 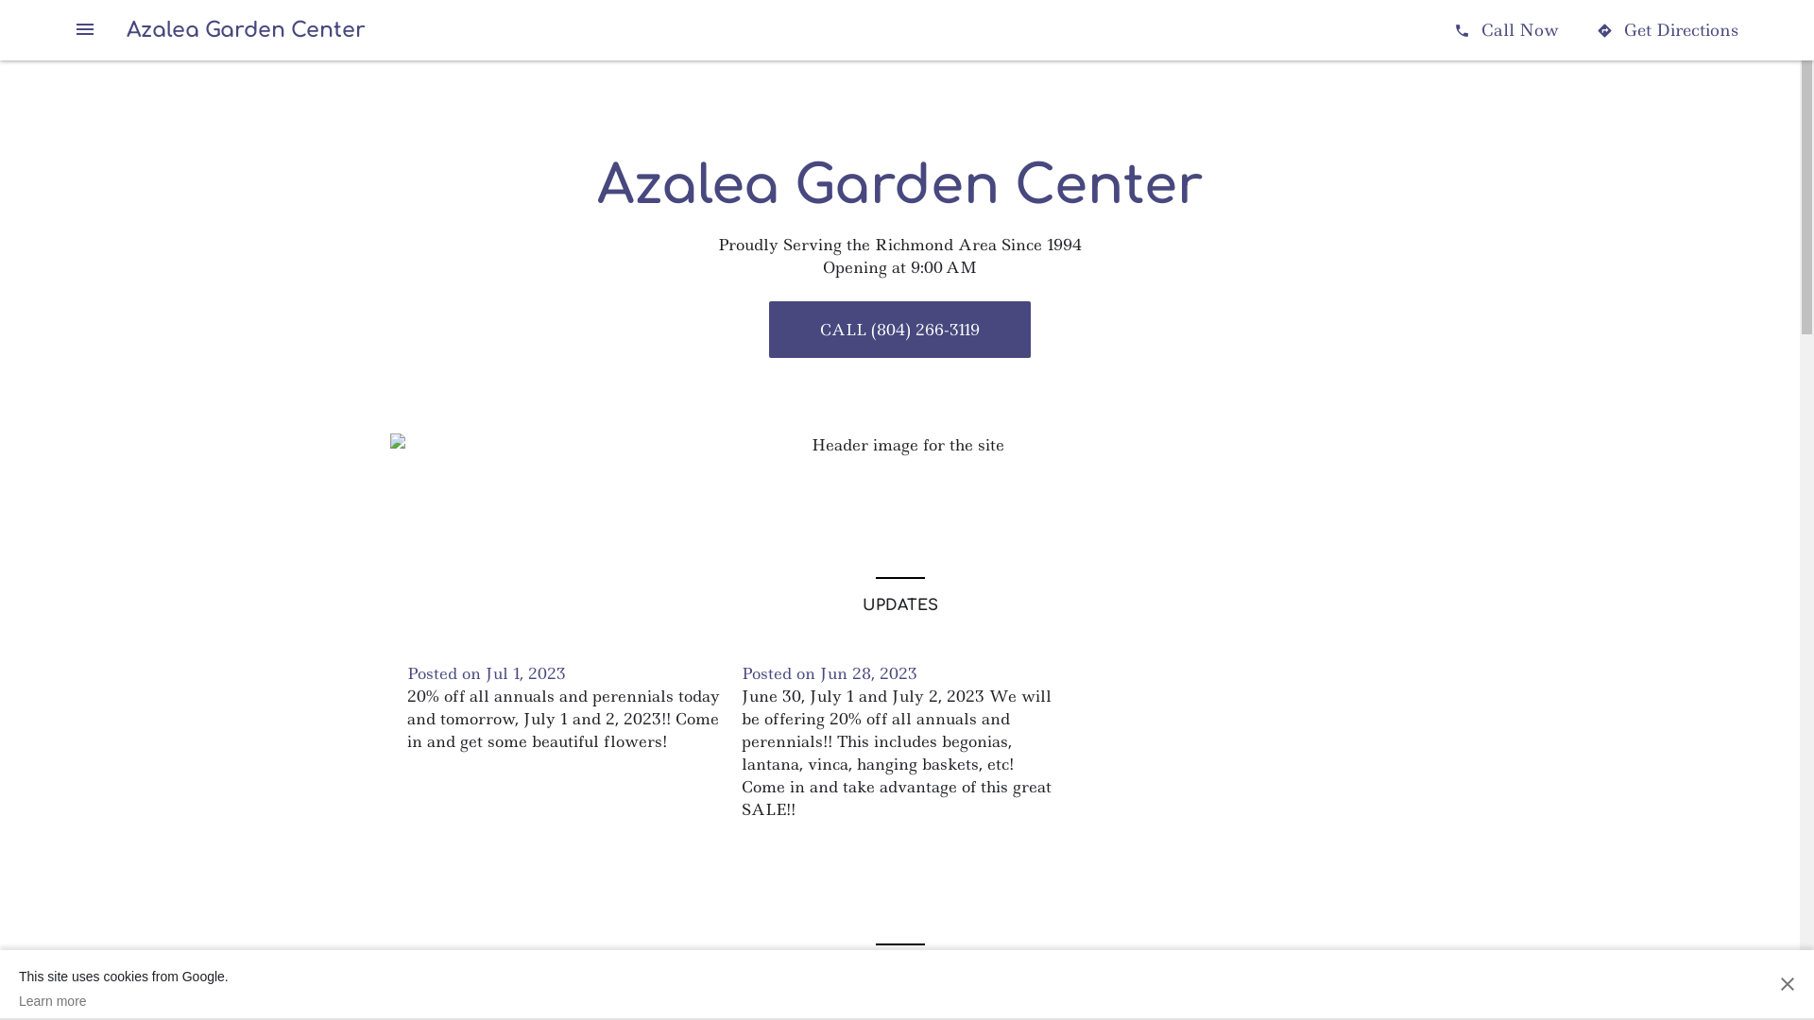 What do you see at coordinates (830, 672) in the screenshot?
I see `'Posted on Jun 28, 2023'` at bounding box center [830, 672].